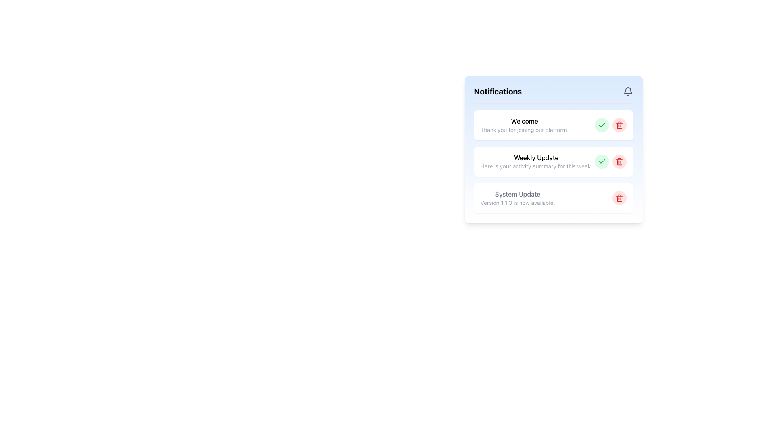  I want to click on the Notification card element titled 'System Update', which is the third card in the notification panel, located between 'Weekly Update' and no other notifications, so click(553, 198).